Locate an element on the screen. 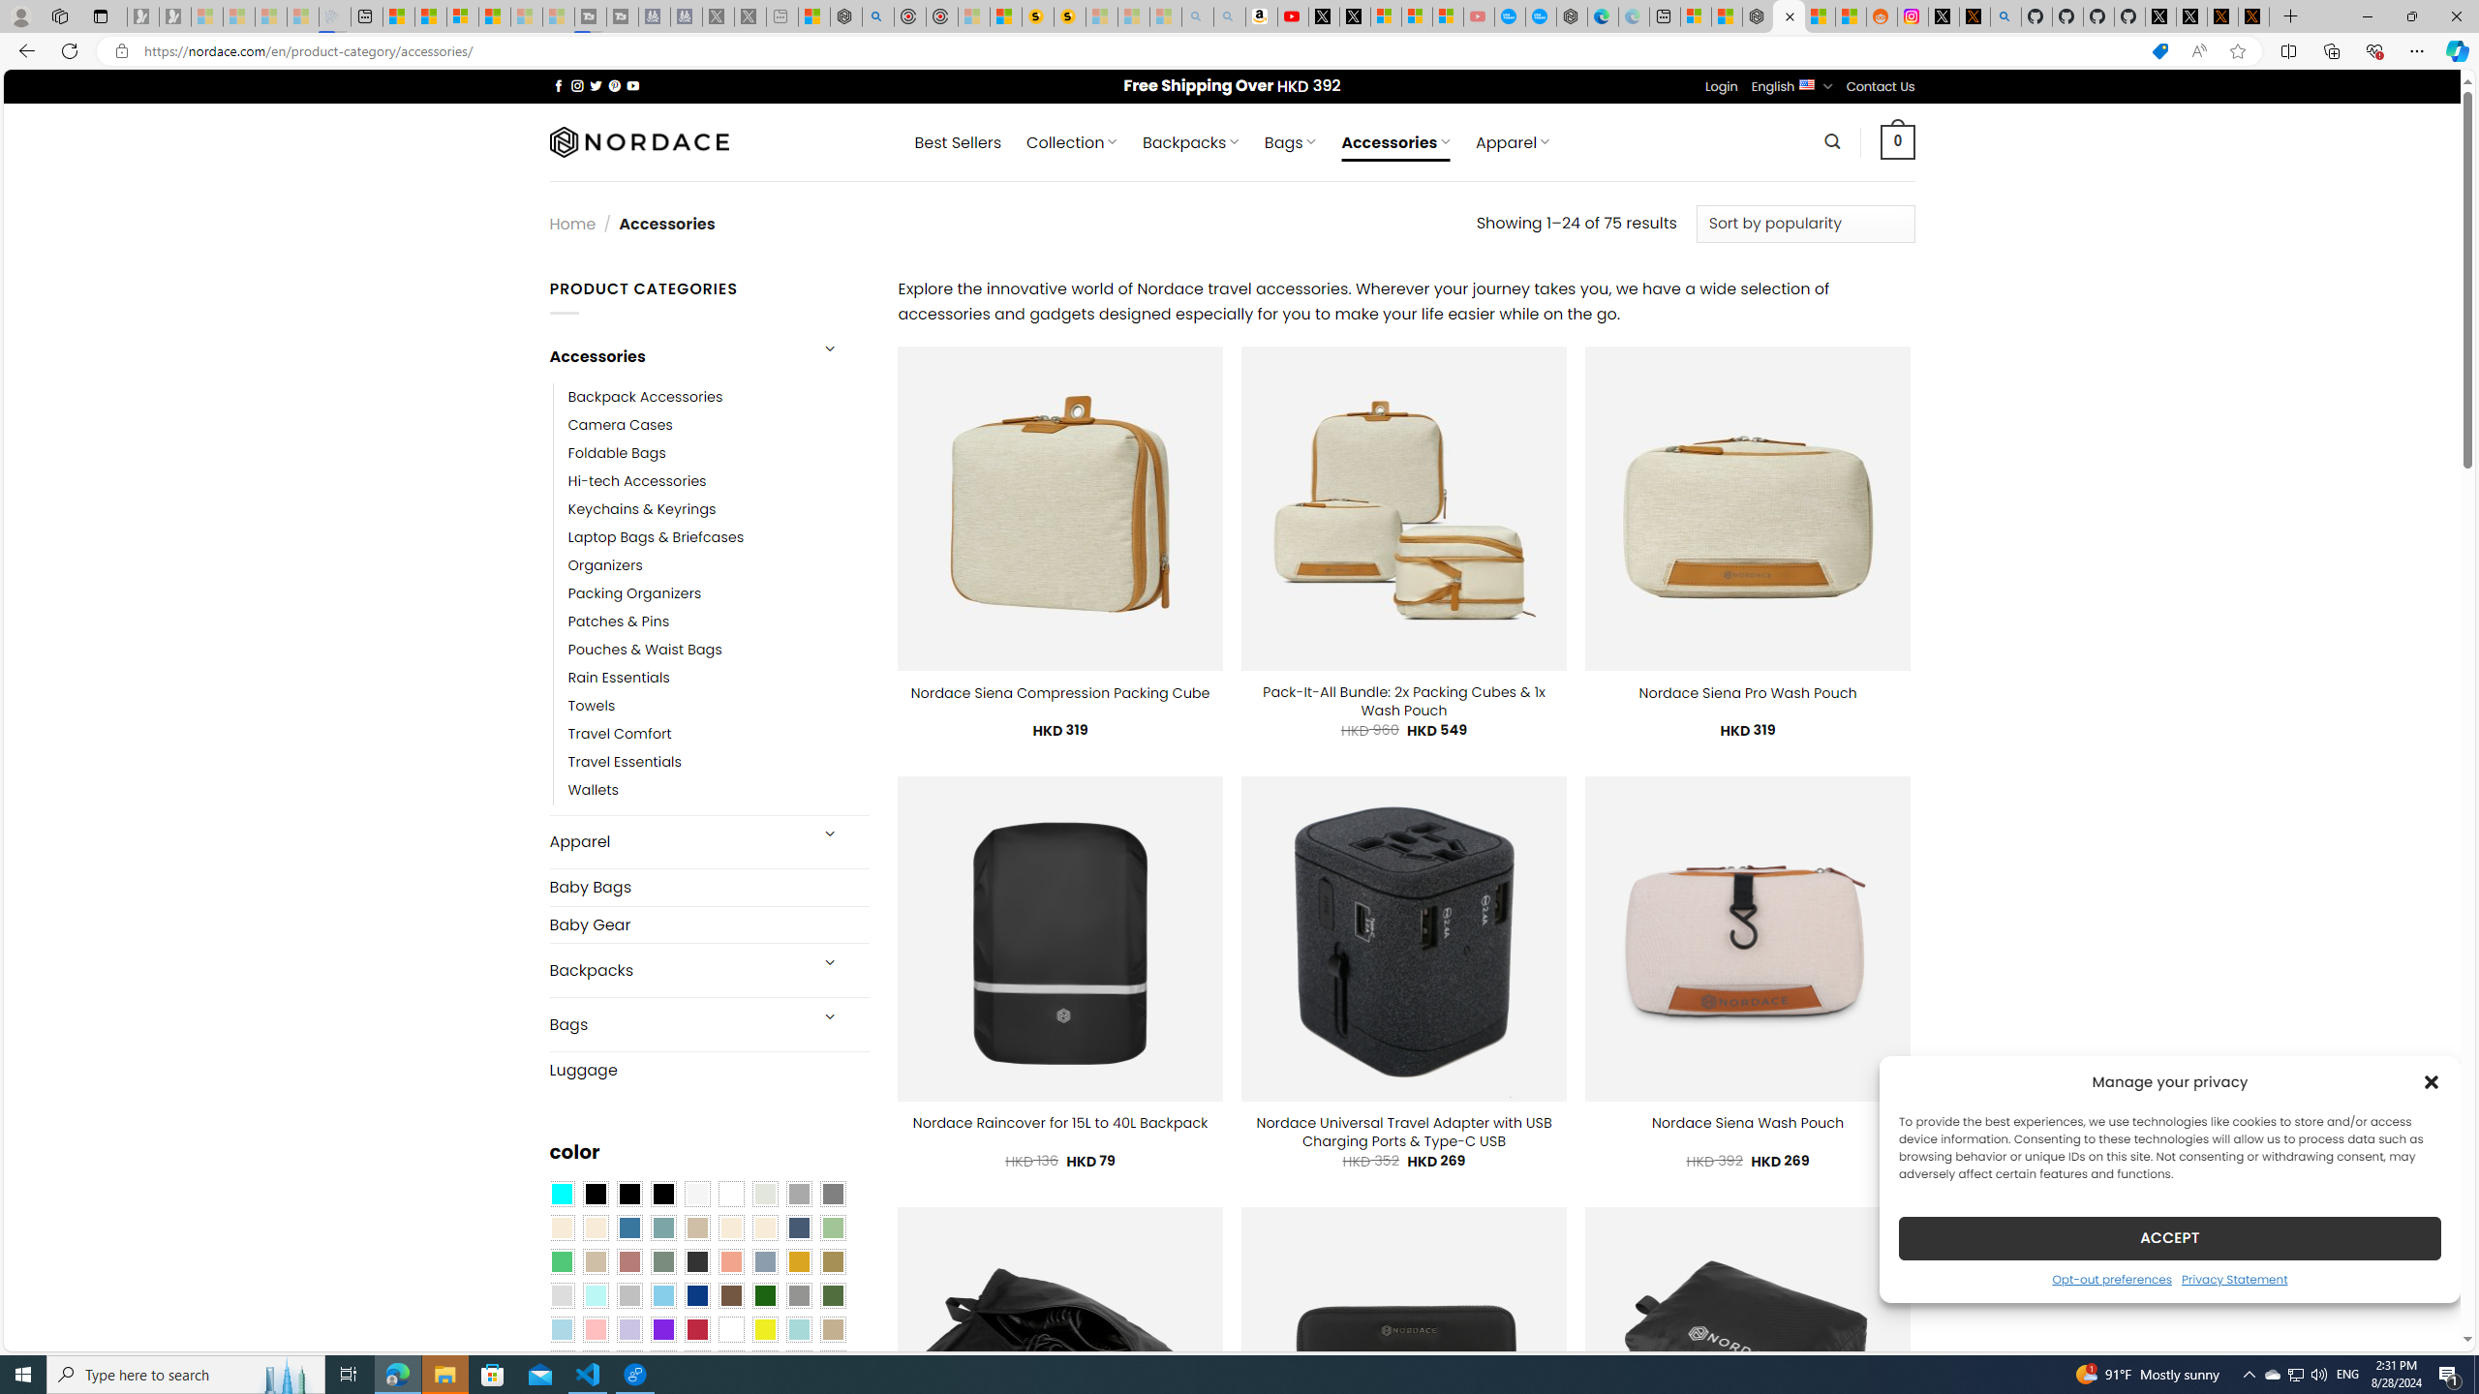  '  0  ' is located at coordinates (1898, 140).